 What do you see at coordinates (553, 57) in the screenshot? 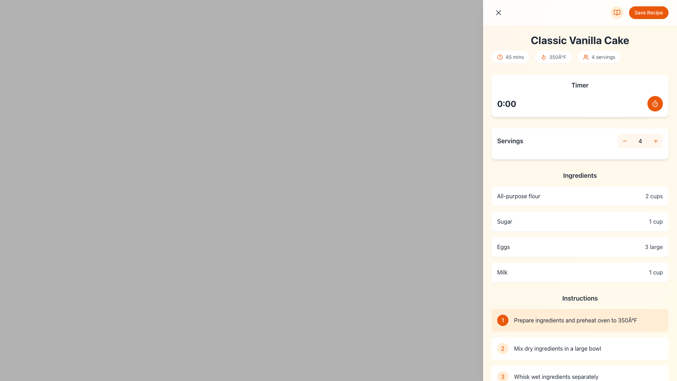
I see `the pill-shaped badge displaying '350°F' which has a white background and an orange flame icon to its left, located under the heading 'Classic Vanilla Cake'` at bounding box center [553, 57].